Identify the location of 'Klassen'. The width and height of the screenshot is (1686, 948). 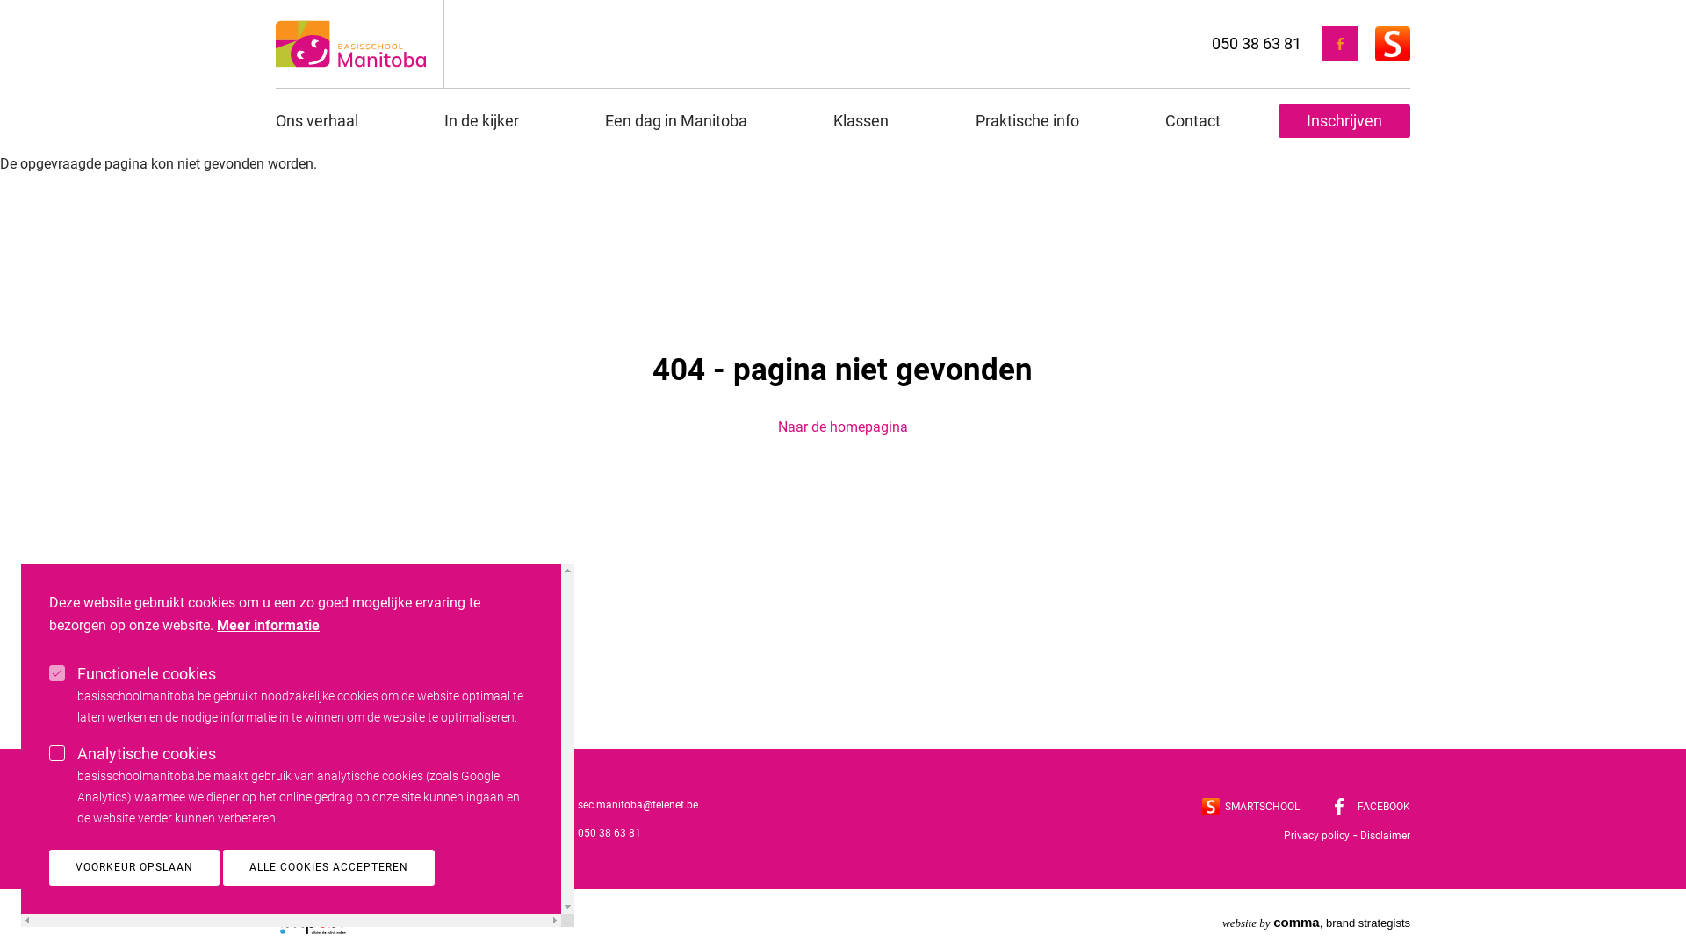
(803, 120).